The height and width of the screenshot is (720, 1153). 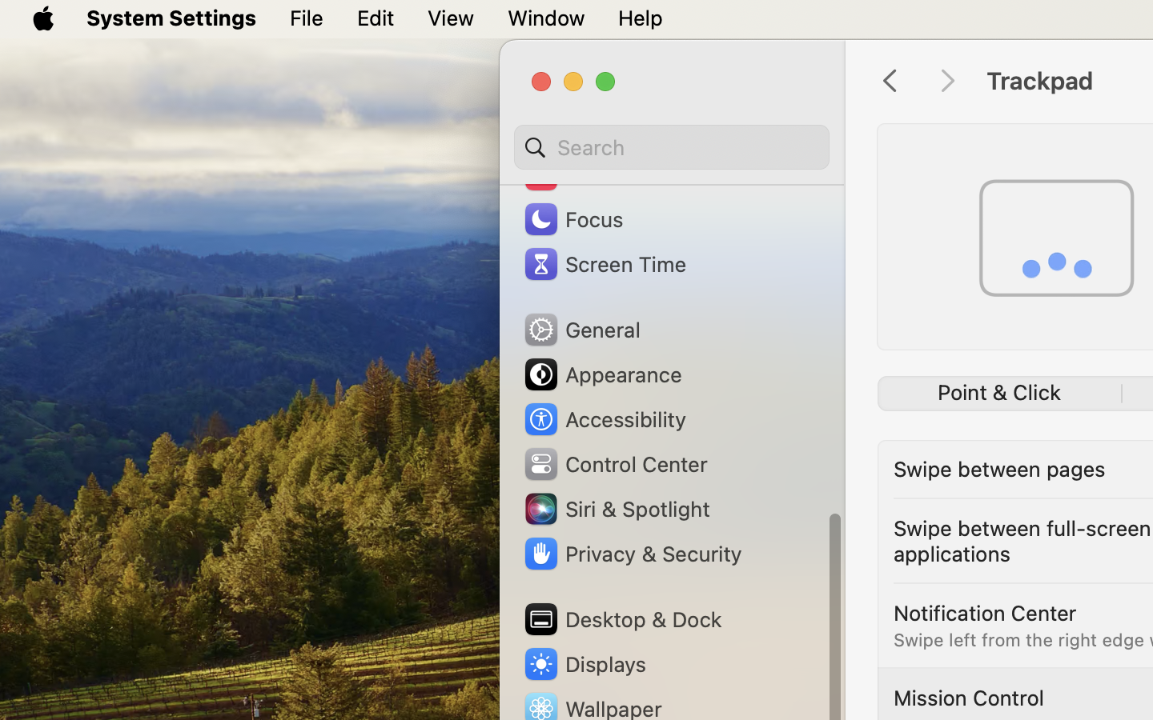 What do you see at coordinates (984, 611) in the screenshot?
I see `'Notification Center'` at bounding box center [984, 611].